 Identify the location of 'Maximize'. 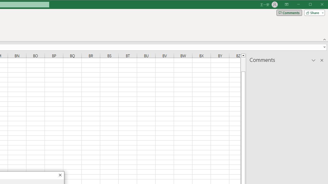
(317, 5).